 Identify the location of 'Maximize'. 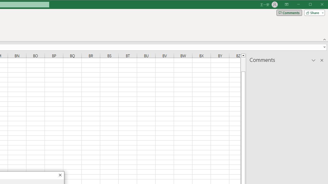
(317, 5).